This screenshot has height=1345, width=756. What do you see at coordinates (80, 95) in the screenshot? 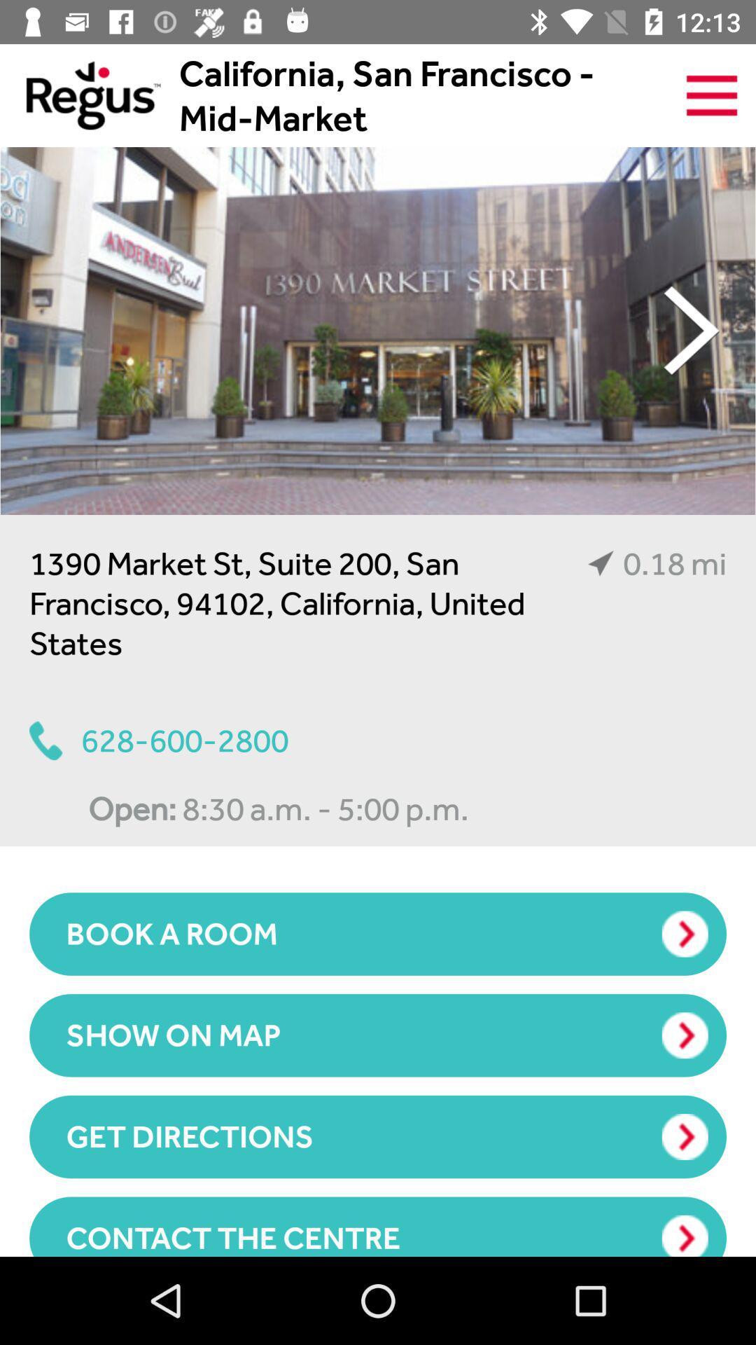
I see `the icon at the top left corner` at bounding box center [80, 95].